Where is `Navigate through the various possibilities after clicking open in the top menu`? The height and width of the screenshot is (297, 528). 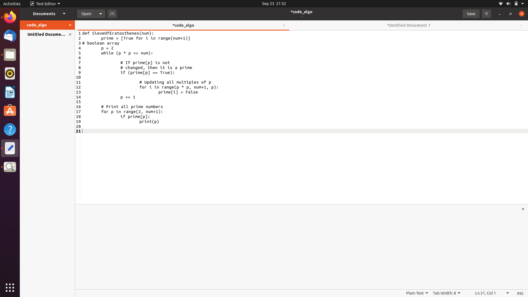
Navigate through the various possibilities after clicking open in the top menu is located at coordinates (101, 13).